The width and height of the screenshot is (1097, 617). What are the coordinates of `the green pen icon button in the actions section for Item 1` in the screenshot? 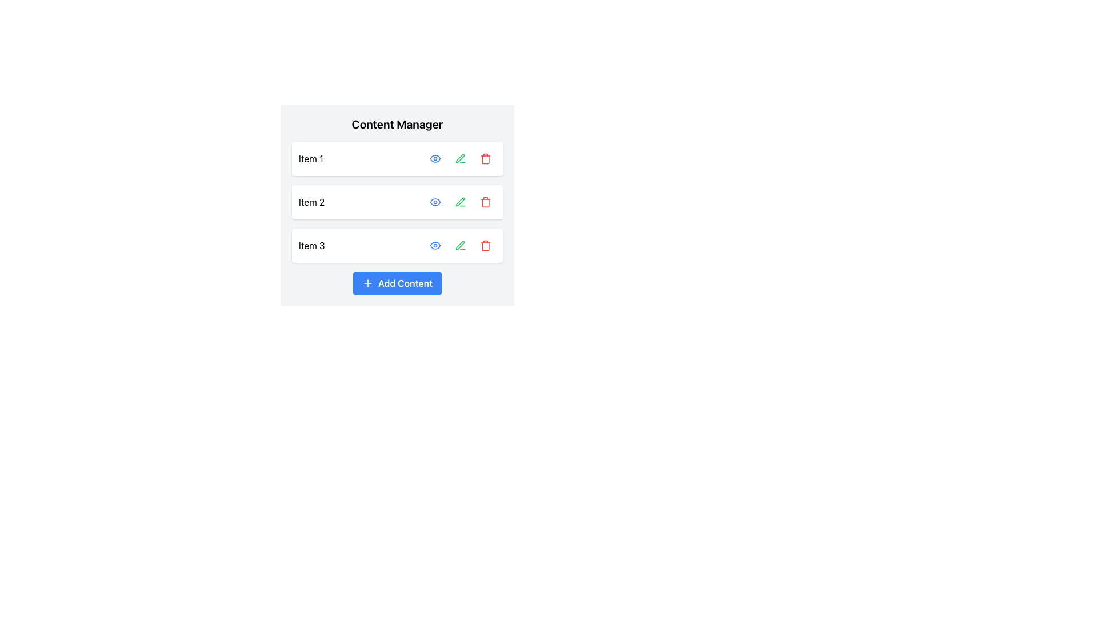 It's located at (461, 158).